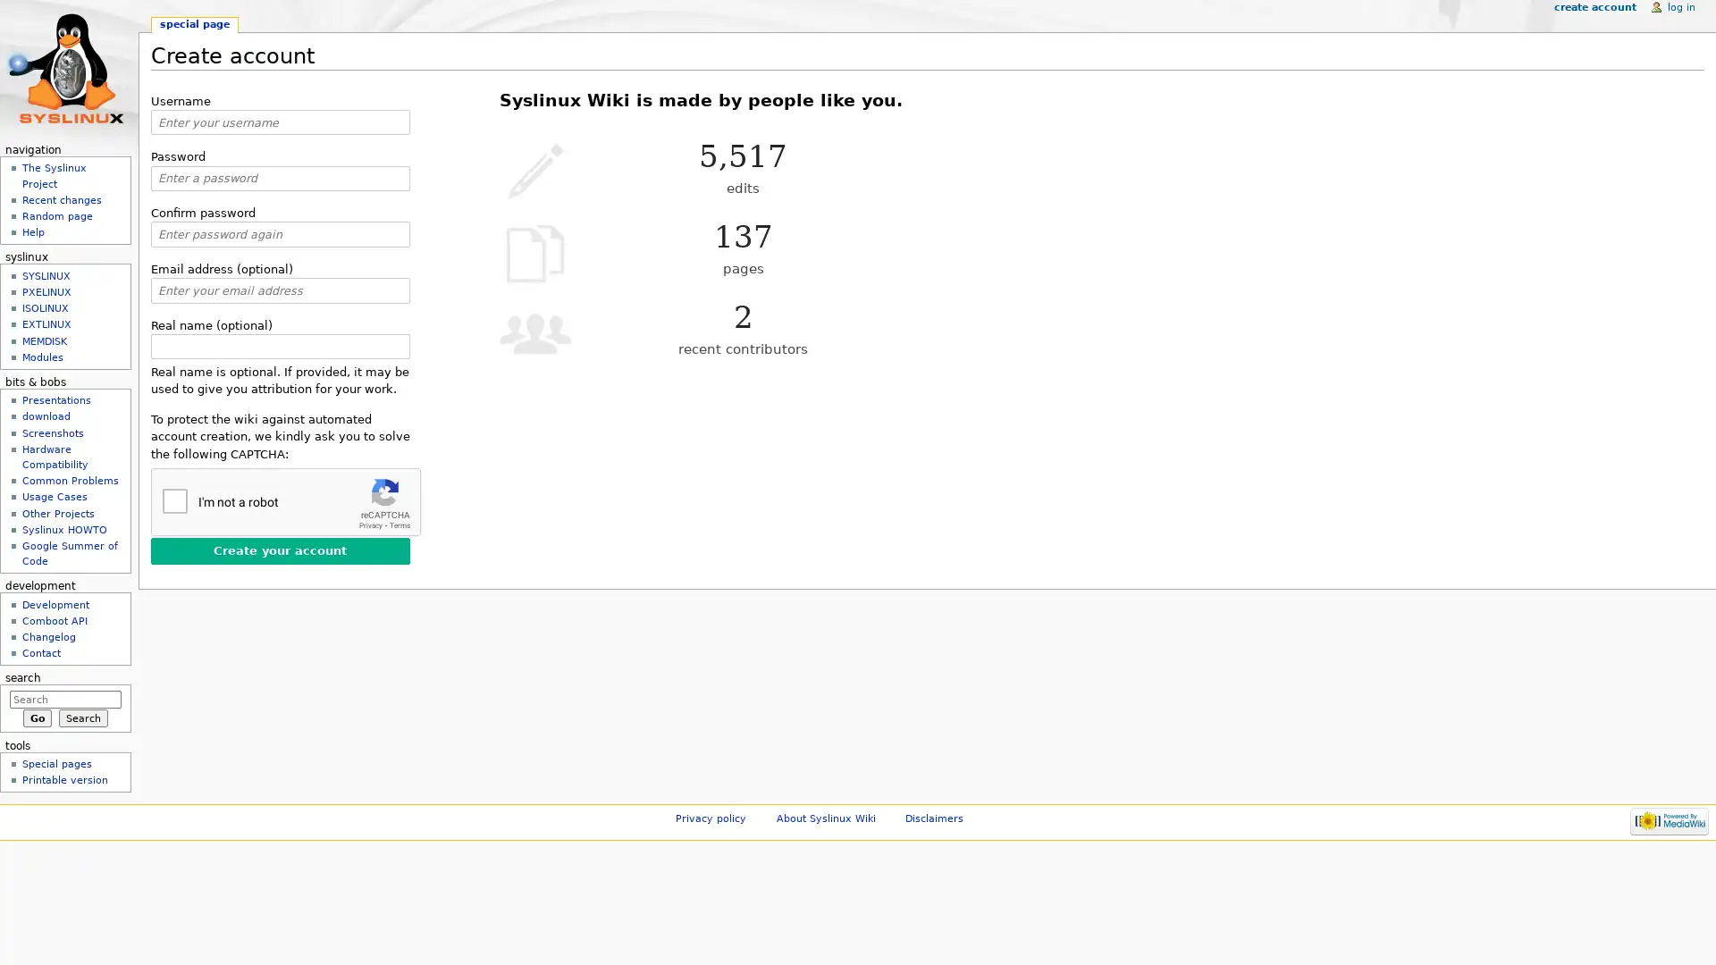 The width and height of the screenshot is (1716, 965). I want to click on Go, so click(37, 717).